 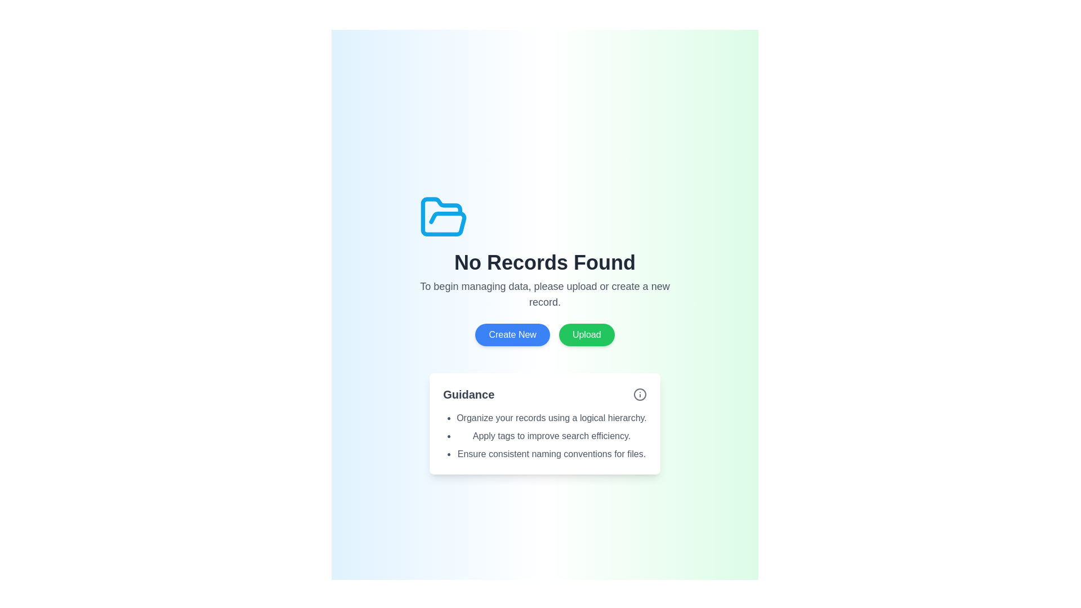 What do you see at coordinates (551, 418) in the screenshot?
I see `first item in the bullet-pointed list under the 'Guidance' section, which states 'Organize your records using a logical hierarchy.'` at bounding box center [551, 418].